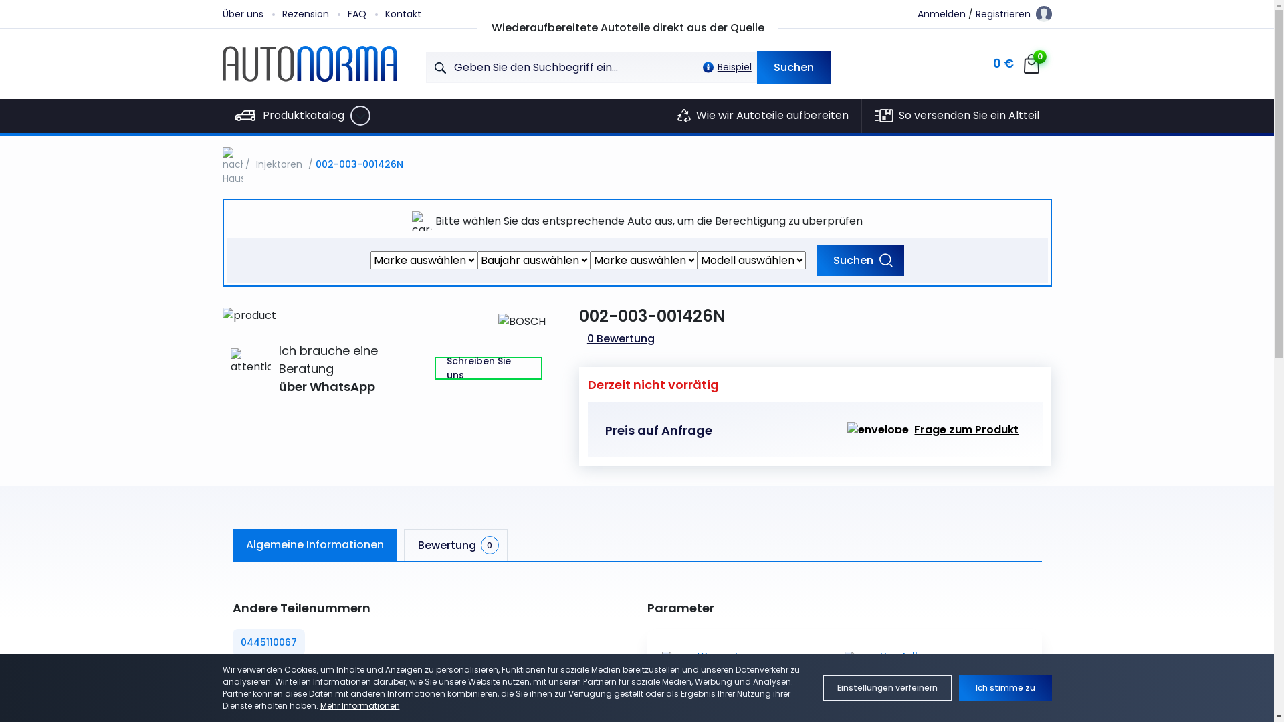 This screenshot has height=722, width=1284. What do you see at coordinates (821, 688) in the screenshot?
I see `'Einstellungen verfeinern'` at bounding box center [821, 688].